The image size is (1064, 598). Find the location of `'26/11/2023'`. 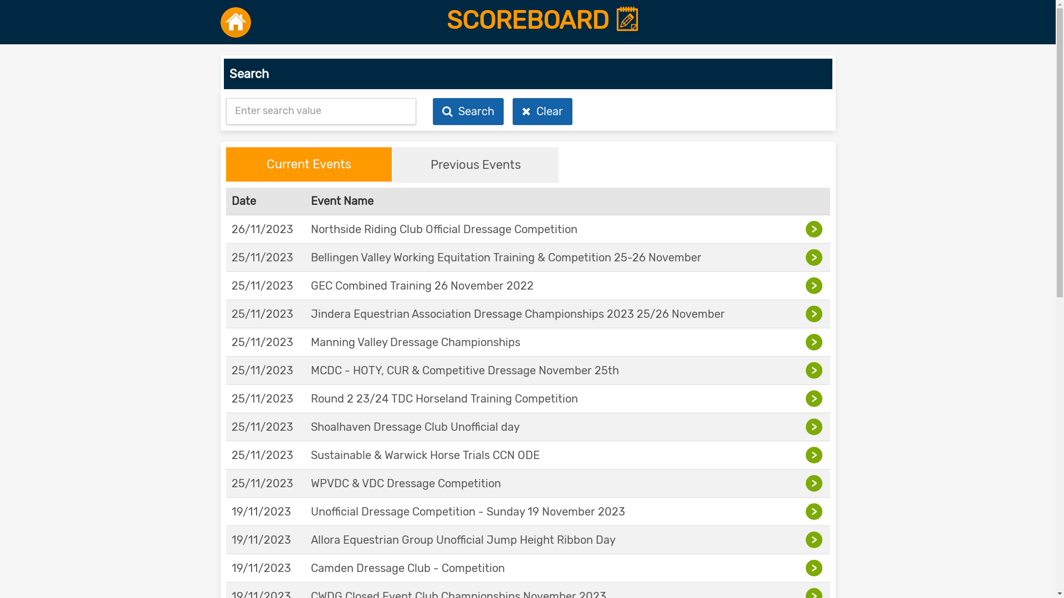

'26/11/2023' is located at coordinates (231, 228).